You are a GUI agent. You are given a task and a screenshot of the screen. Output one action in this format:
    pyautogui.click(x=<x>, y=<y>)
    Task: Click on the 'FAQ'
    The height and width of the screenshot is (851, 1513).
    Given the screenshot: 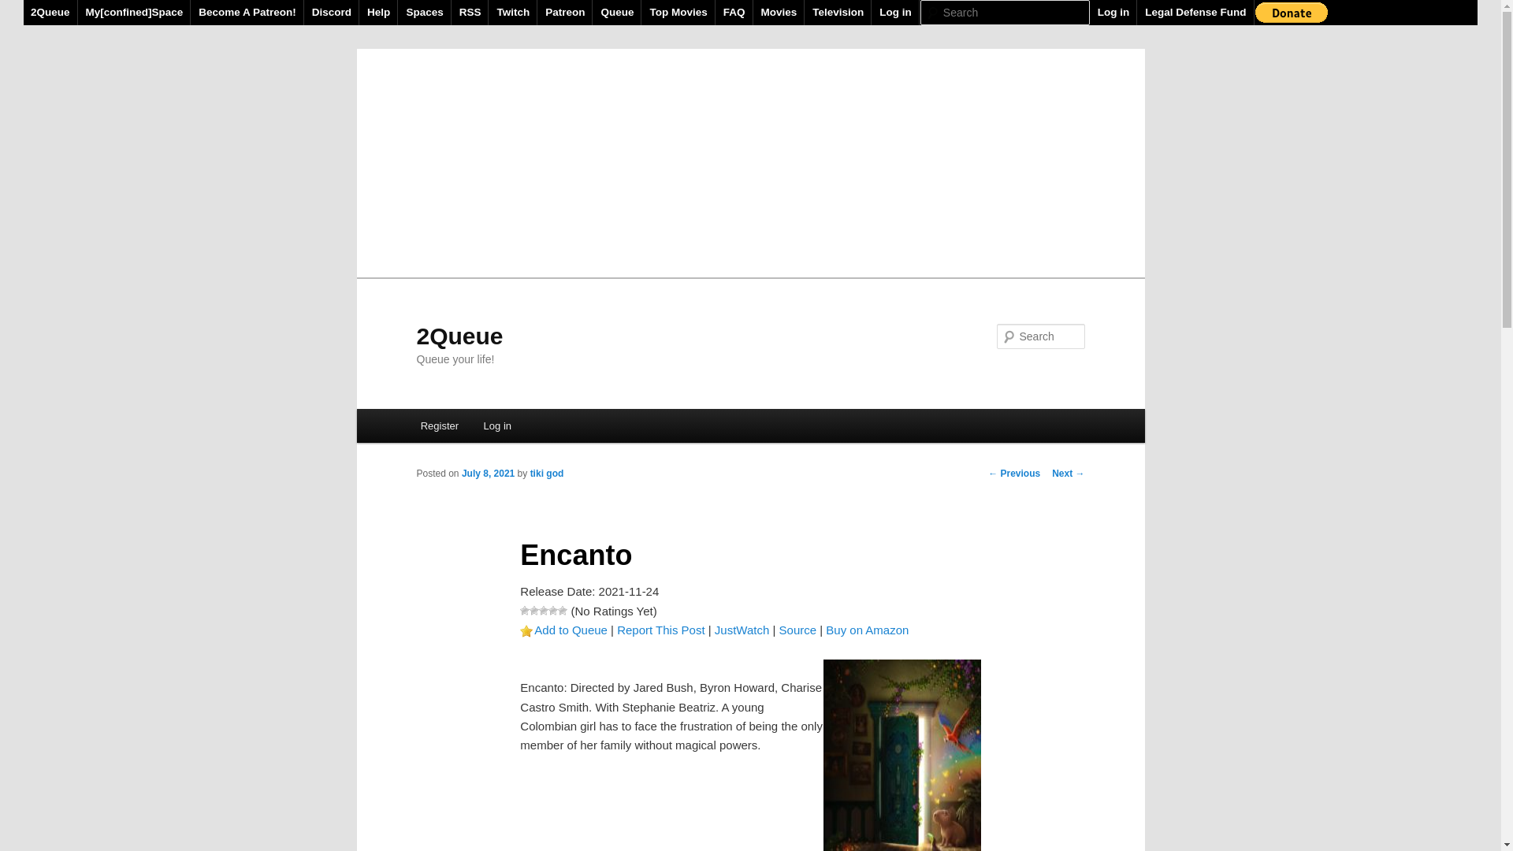 What is the action you would take?
    pyautogui.click(x=734, y=12)
    